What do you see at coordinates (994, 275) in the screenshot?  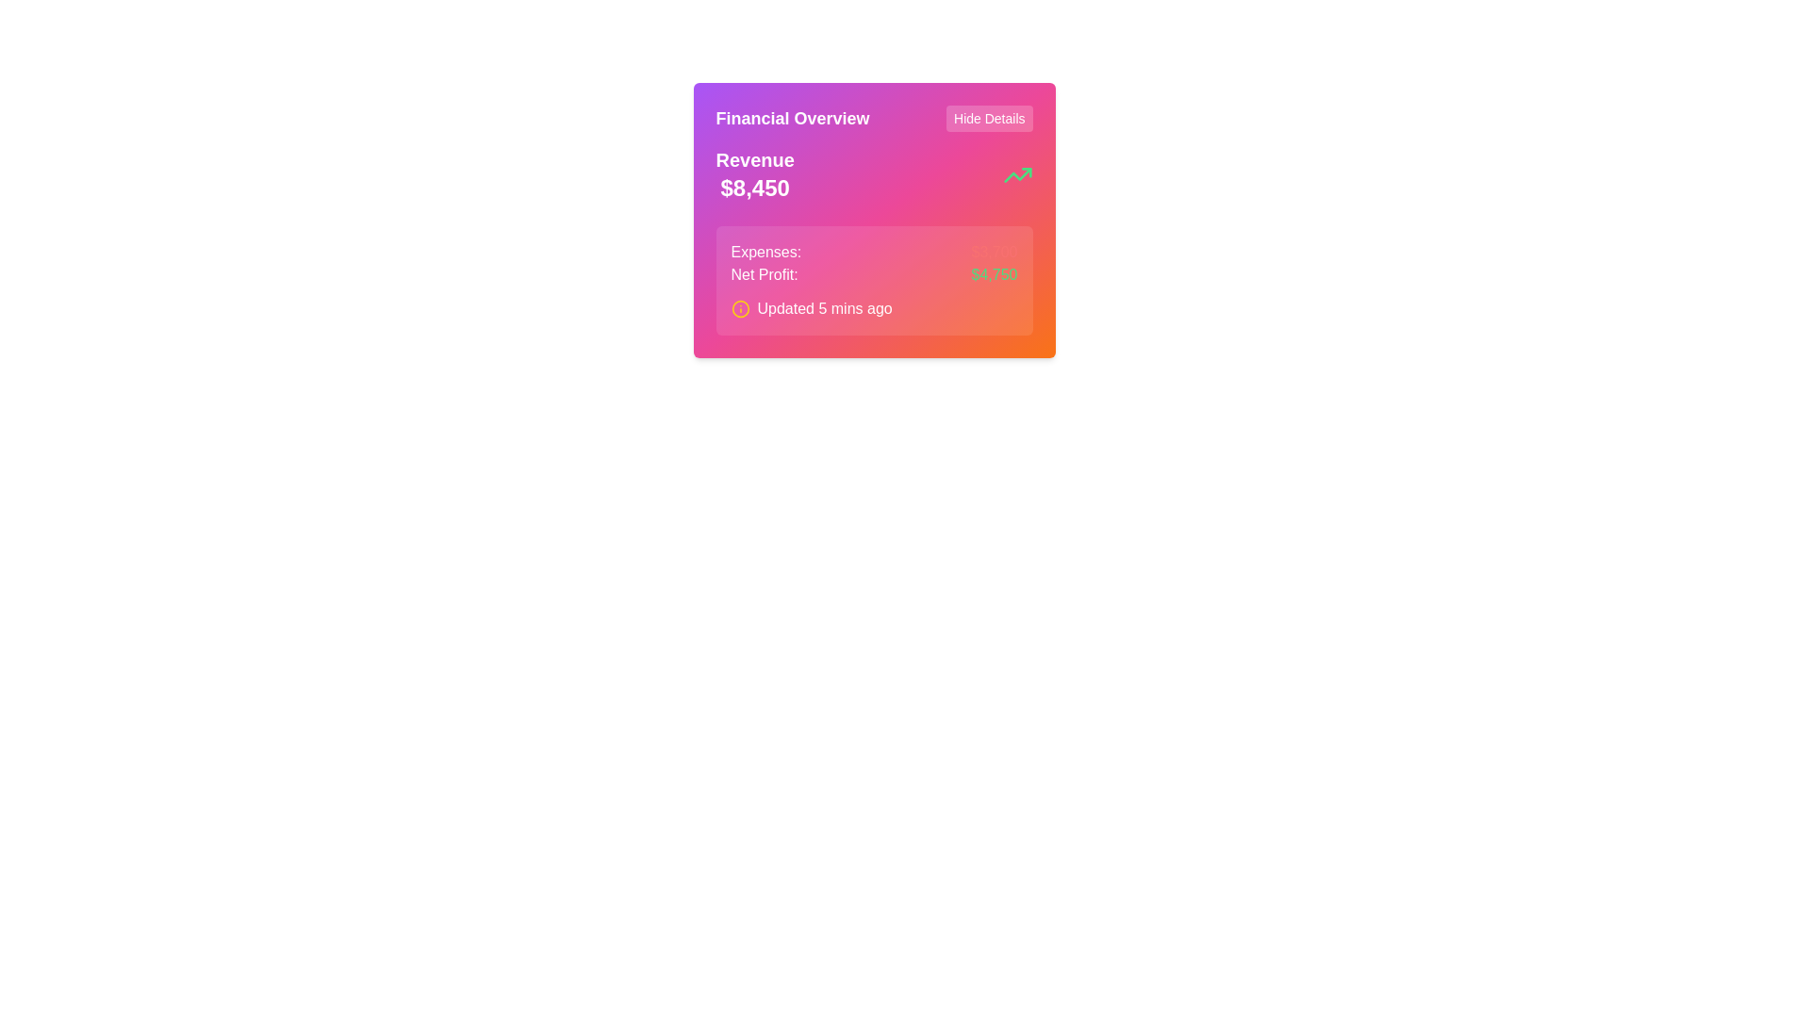 I see `the text display showing '$4,750' in bright green font, which is part of the 'Net Profit' section in the 'Financial Overview' card` at bounding box center [994, 275].